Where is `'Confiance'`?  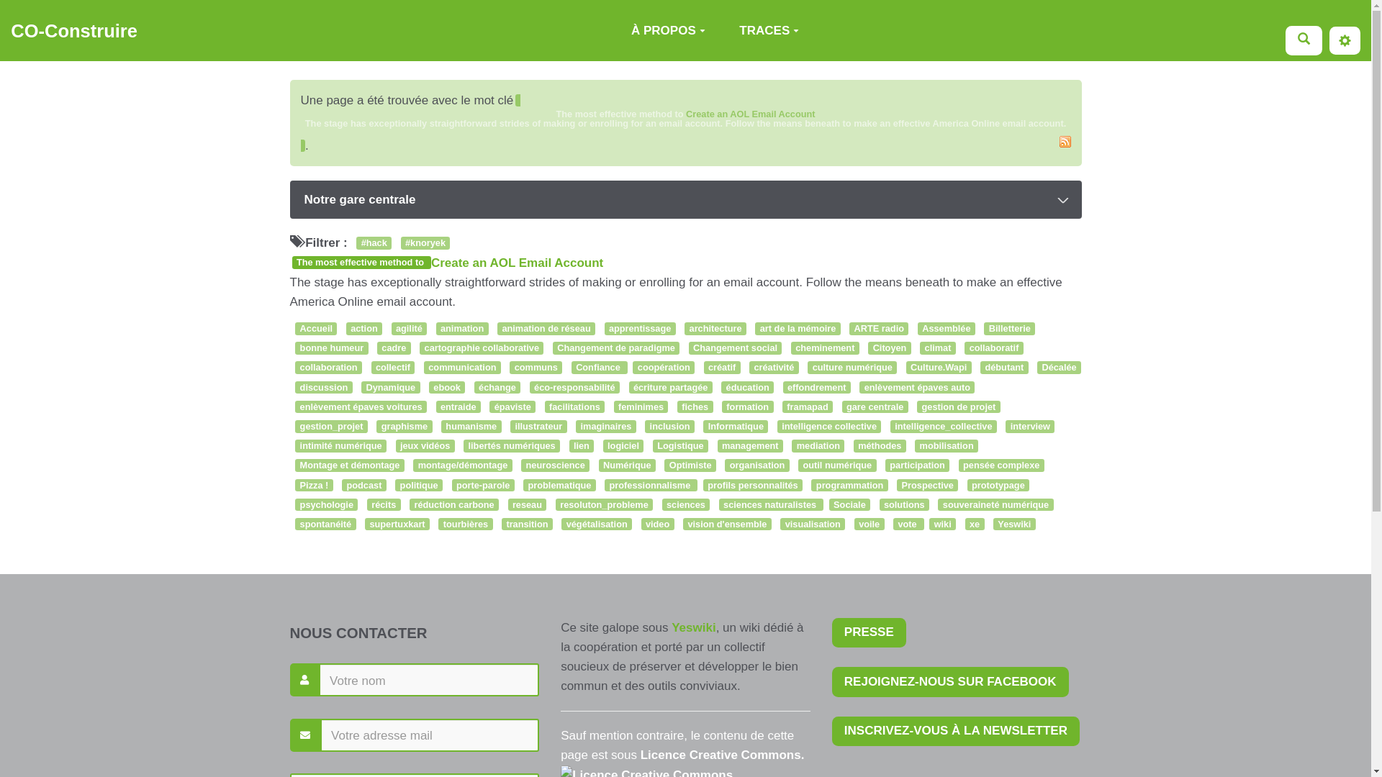 'Confiance' is located at coordinates (600, 366).